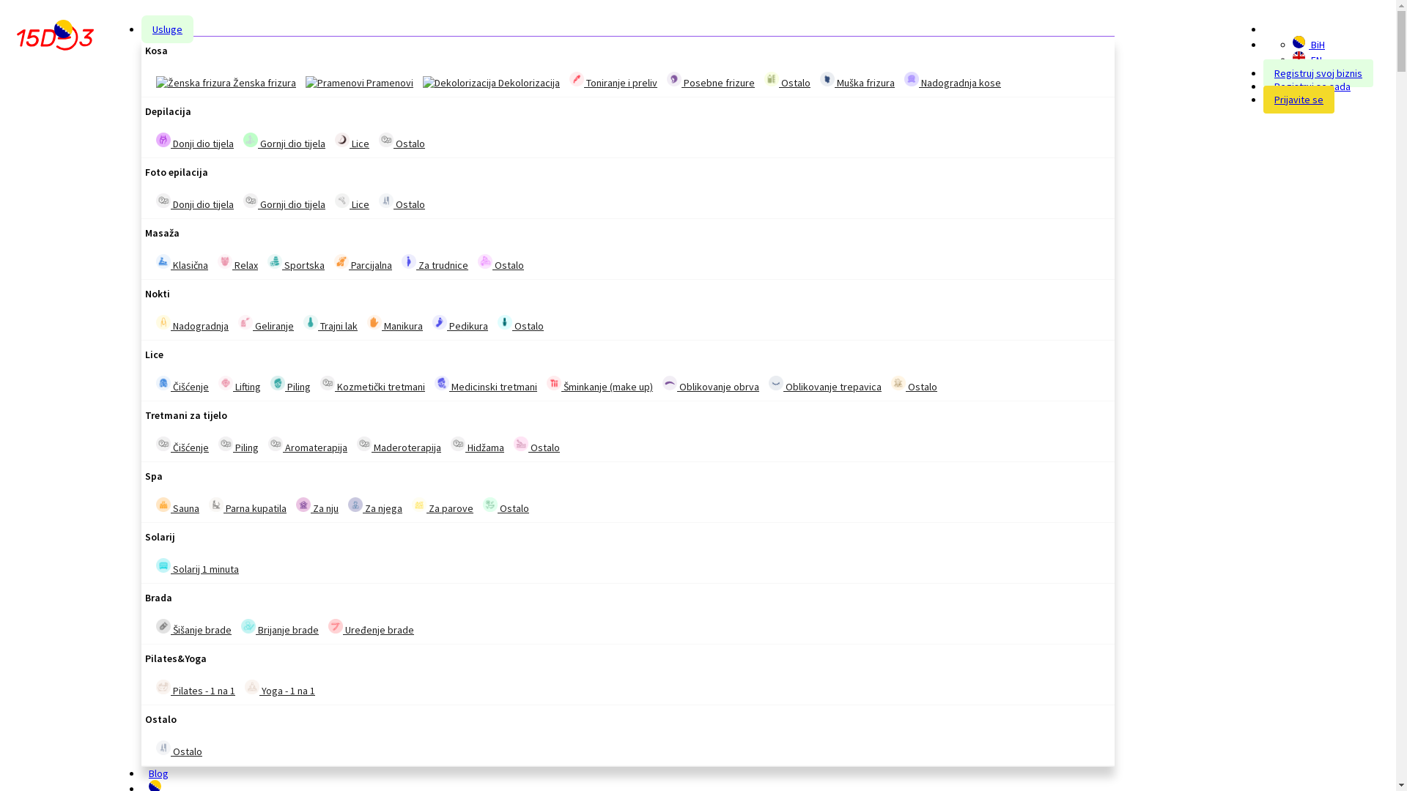  Describe the element at coordinates (215, 504) in the screenshot. I see `'Parna kupatila'` at that location.